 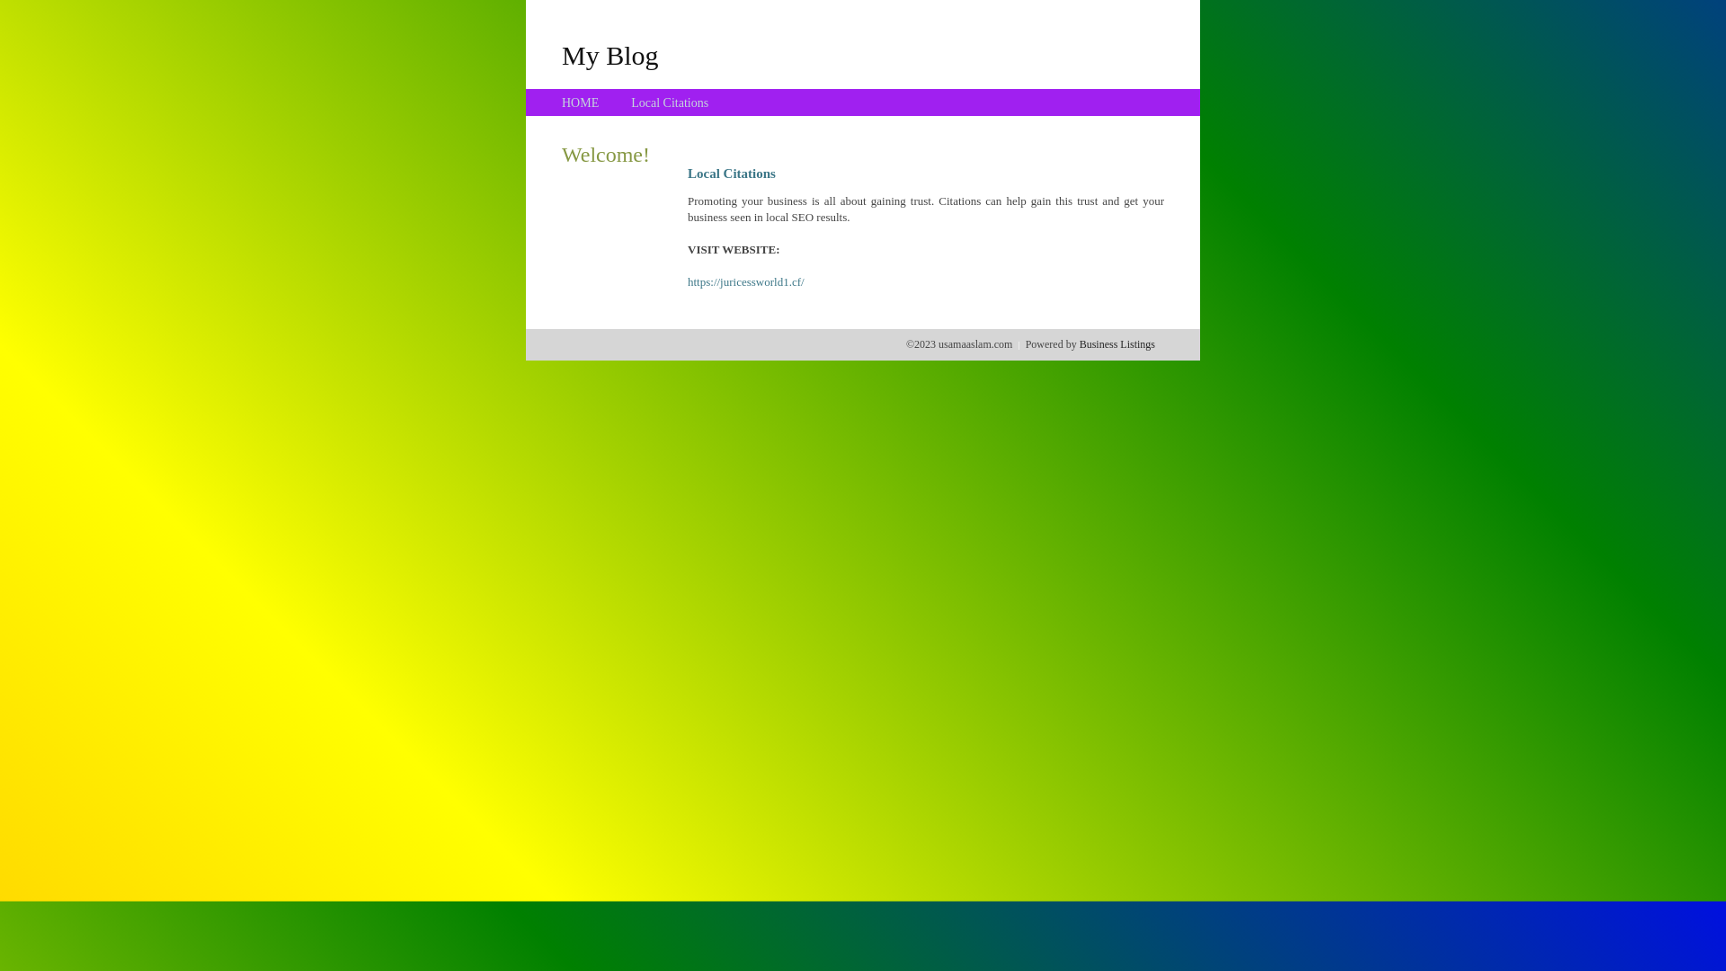 I want to click on 'My Blog', so click(x=609, y=54).